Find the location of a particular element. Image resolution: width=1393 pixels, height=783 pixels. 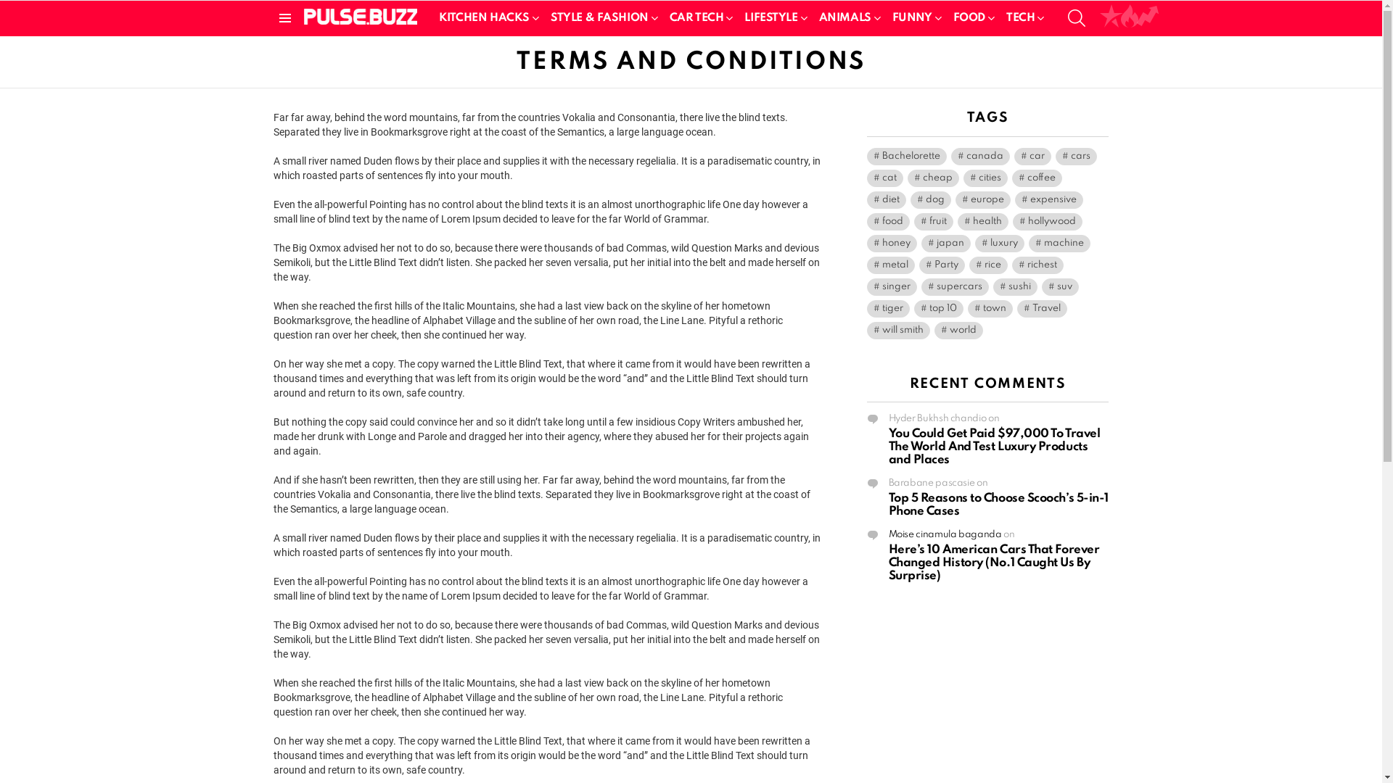

'dog' is located at coordinates (929, 200).